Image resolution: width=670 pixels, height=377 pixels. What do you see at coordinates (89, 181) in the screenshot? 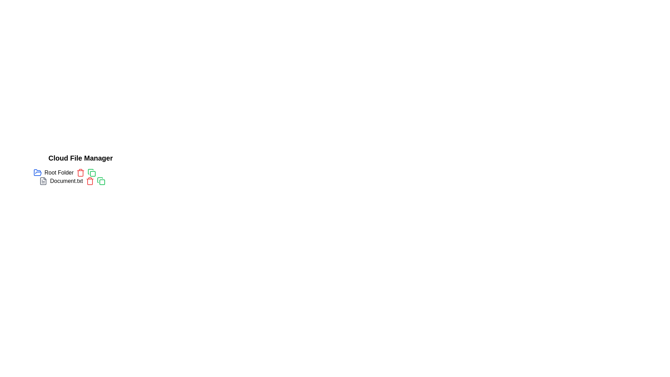
I see `the red trash can icon button` at bounding box center [89, 181].